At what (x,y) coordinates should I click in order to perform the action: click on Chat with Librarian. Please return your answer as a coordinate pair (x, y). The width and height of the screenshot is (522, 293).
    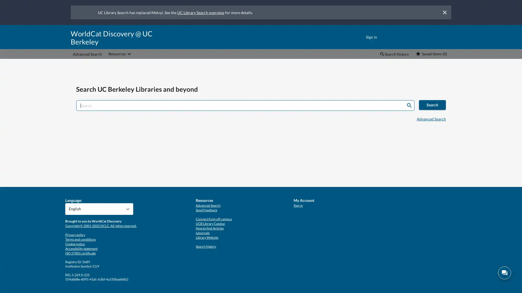
    Looking at the image, I should click on (504, 273).